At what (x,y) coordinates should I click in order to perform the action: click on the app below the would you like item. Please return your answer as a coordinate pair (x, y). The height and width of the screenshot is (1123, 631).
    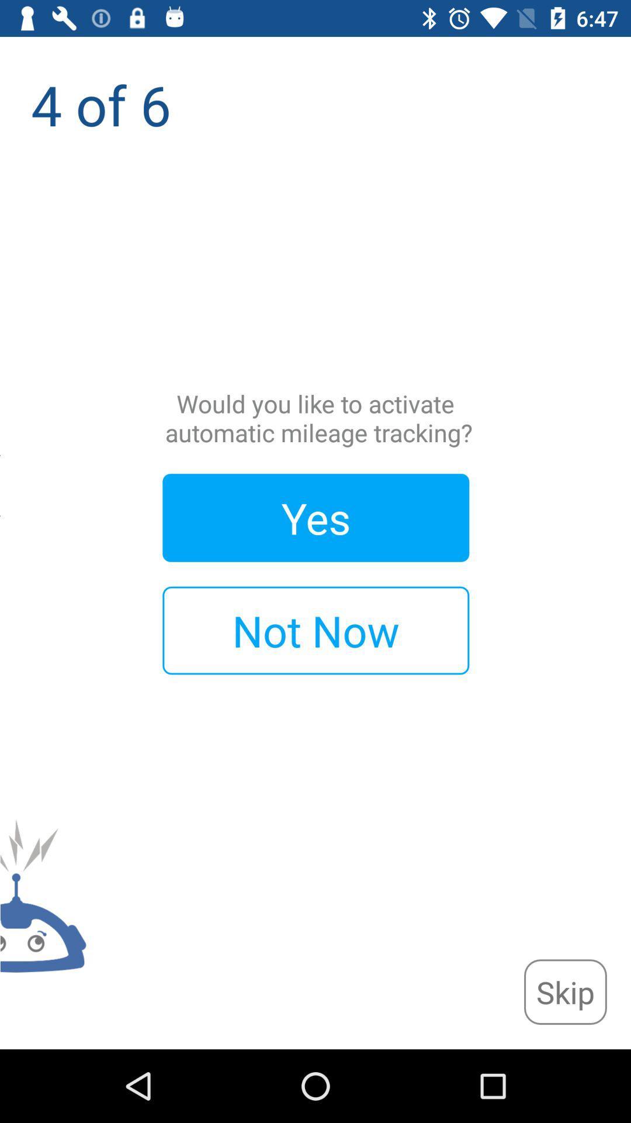
    Looking at the image, I should click on (315, 517).